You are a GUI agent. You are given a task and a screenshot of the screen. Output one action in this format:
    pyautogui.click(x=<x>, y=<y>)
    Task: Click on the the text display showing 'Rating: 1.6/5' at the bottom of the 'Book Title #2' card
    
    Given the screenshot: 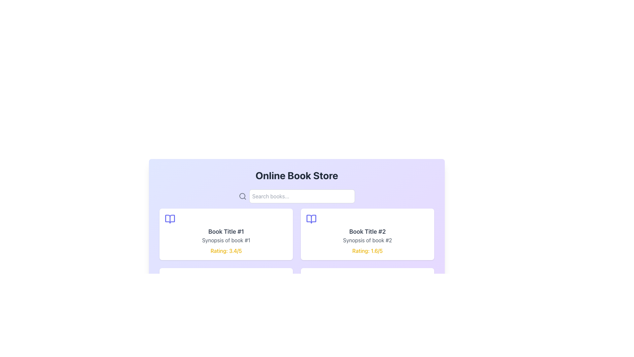 What is the action you would take?
    pyautogui.click(x=367, y=251)
    